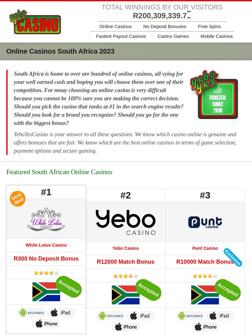 The width and height of the screenshot is (252, 335). What do you see at coordinates (18, 201) in the screenshot?
I see `'deal'` at bounding box center [18, 201].